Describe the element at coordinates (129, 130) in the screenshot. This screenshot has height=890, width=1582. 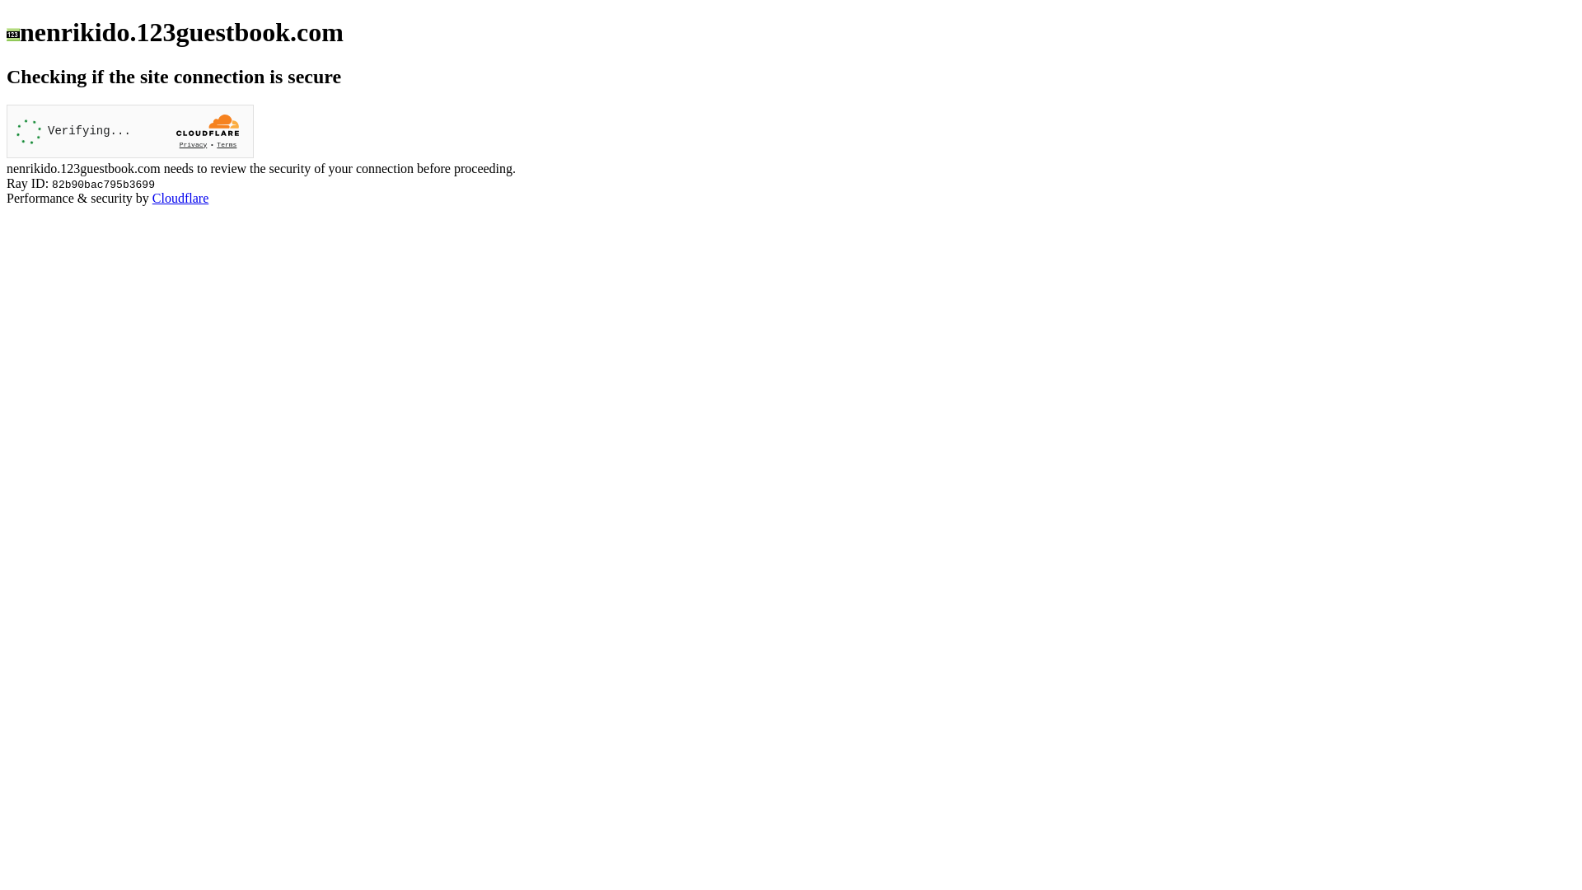
I see `'Widget containing a Cloudflare security challenge'` at that location.